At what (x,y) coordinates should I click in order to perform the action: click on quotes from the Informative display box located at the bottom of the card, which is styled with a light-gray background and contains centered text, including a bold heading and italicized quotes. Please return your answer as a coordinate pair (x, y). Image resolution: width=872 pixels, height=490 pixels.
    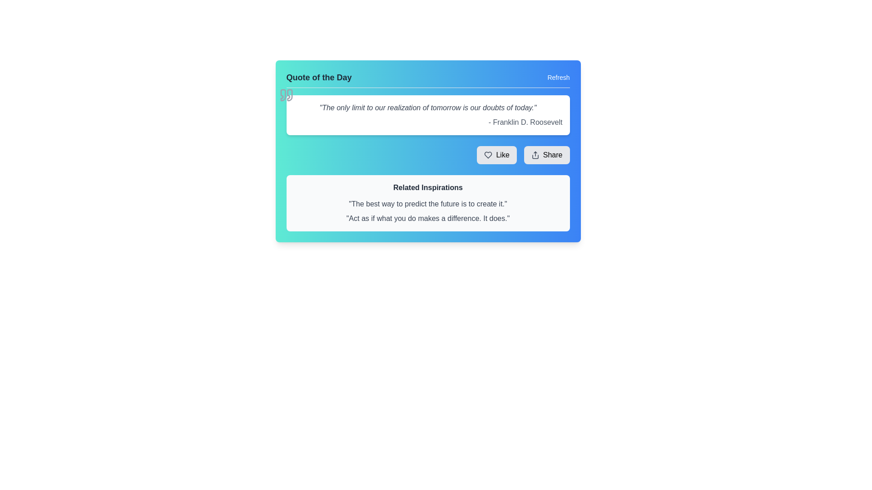
    Looking at the image, I should click on (427, 202).